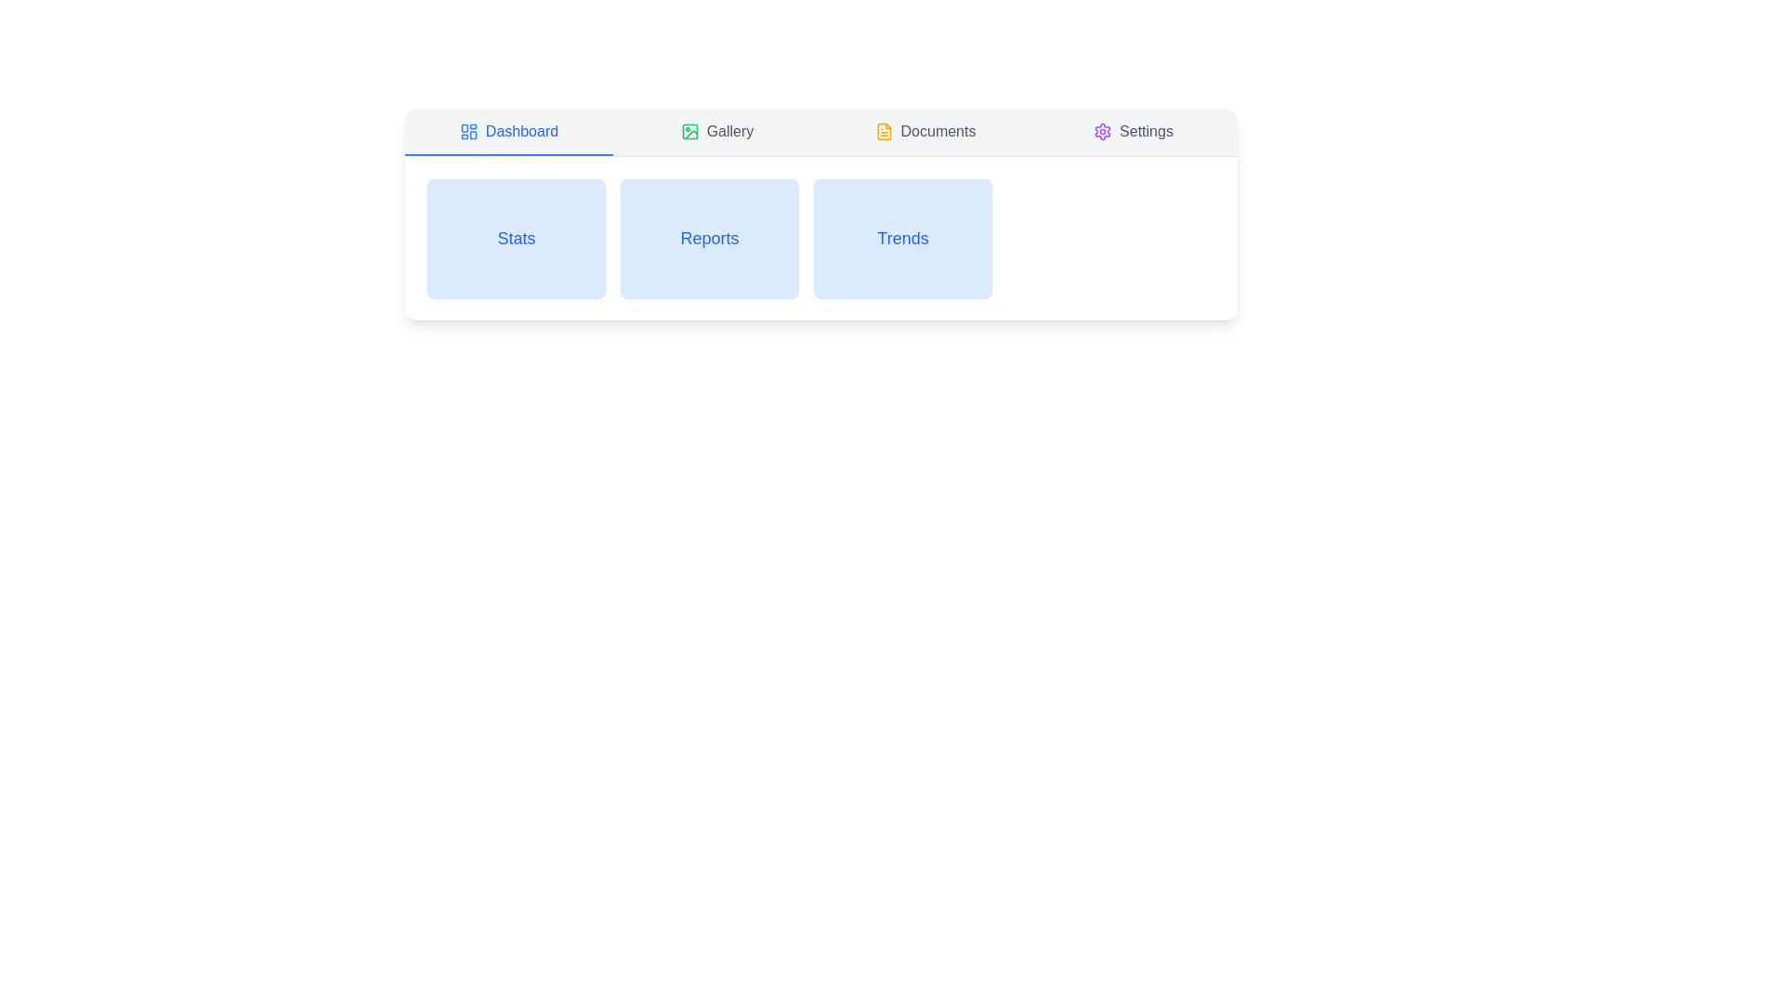 The height and width of the screenshot is (1003, 1784). Describe the element at coordinates (729, 131) in the screenshot. I see `the 'Gallery' text label located in the top navigation bar, which is positioned directly to the right of the 'Dashboard' and to the left of the 'Documents' section` at that location.